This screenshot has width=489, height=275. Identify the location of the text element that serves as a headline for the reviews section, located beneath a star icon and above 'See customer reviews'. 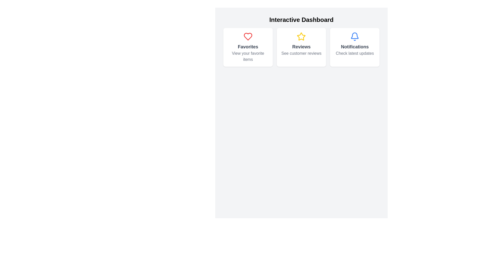
(301, 47).